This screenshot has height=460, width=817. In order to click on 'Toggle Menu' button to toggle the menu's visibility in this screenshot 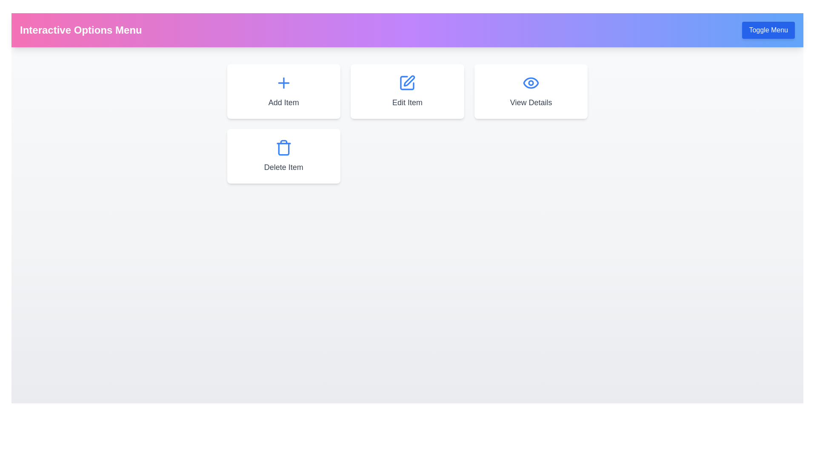, I will do `click(768, 29)`.